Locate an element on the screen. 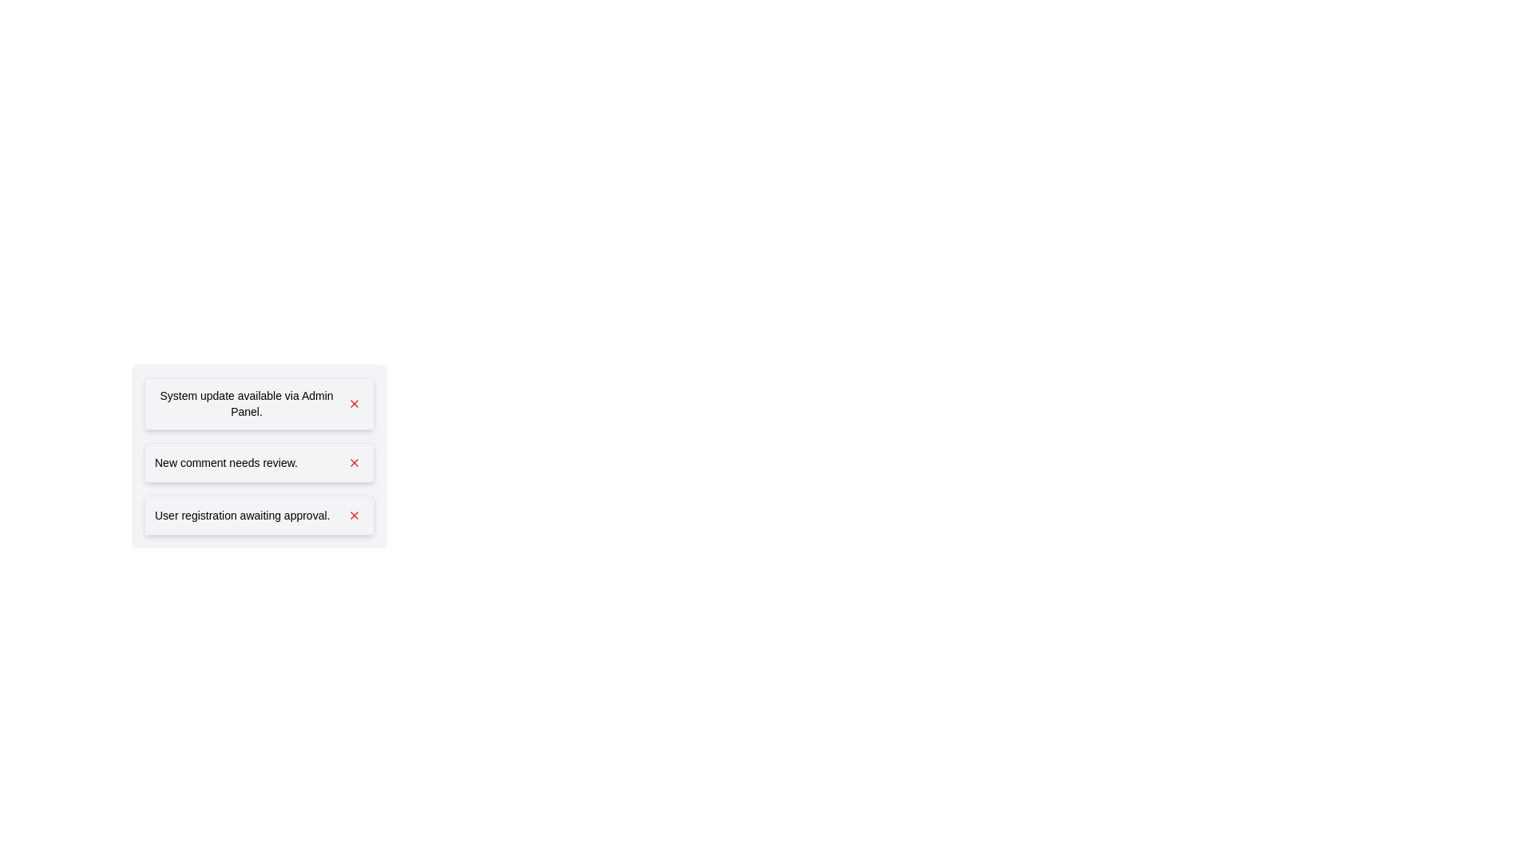 Image resolution: width=1533 pixels, height=862 pixels. the red 'X' icon button located at the top-right corner of the card that displays 'System update available via Admin Panel' to observe its tooltip is located at coordinates (354, 402).